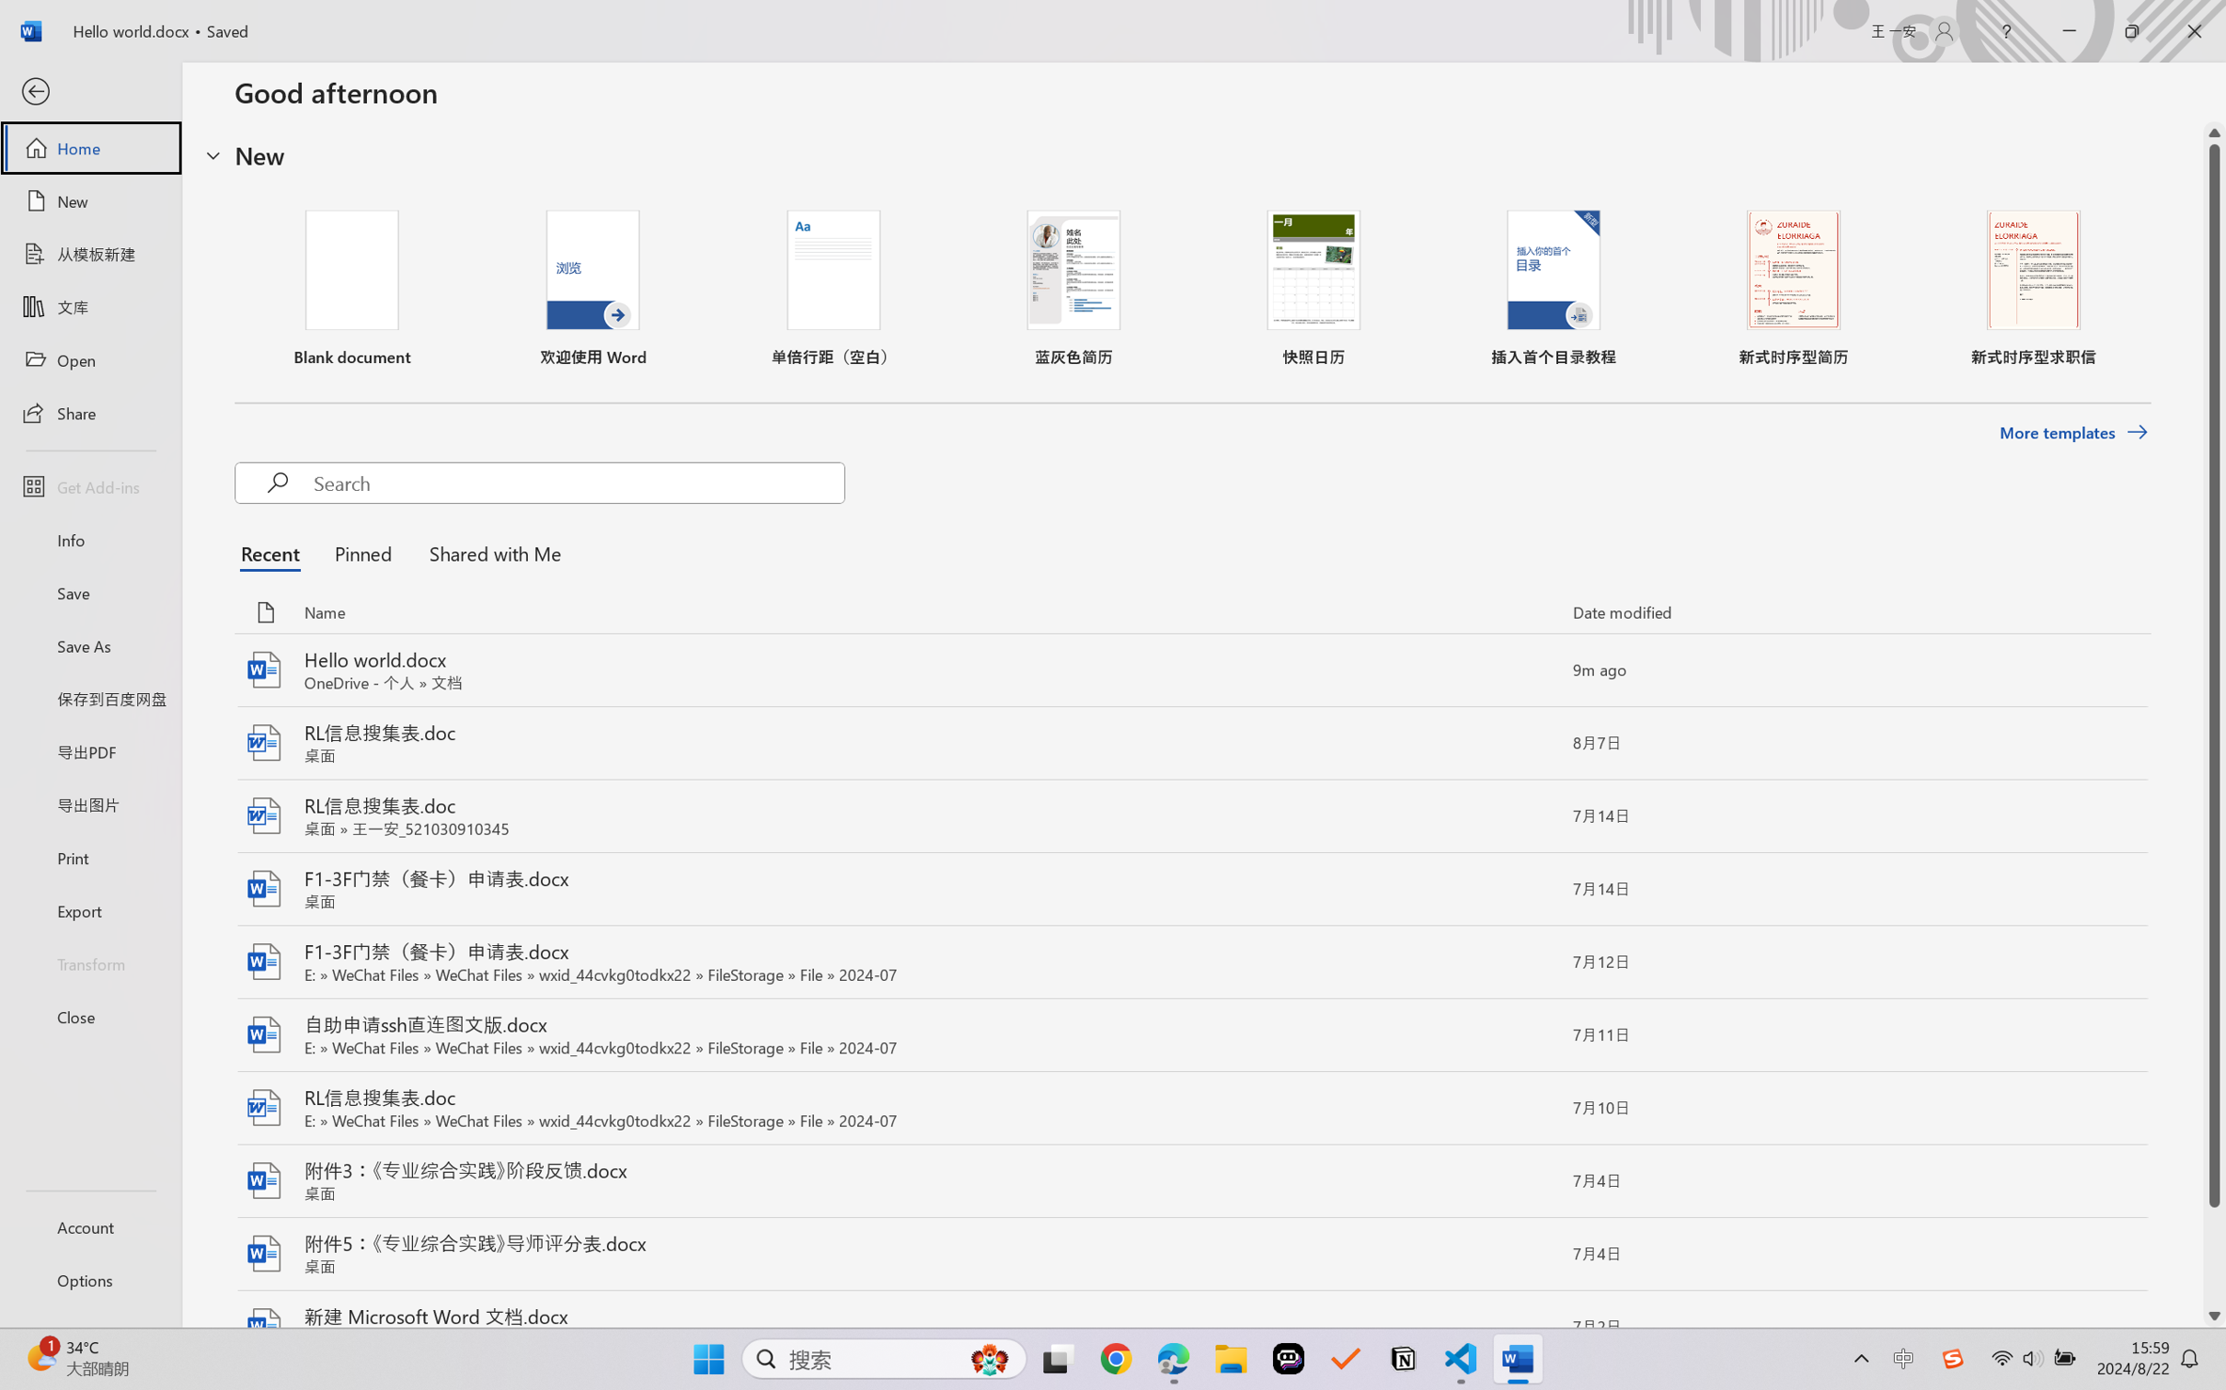 Image resolution: width=2226 pixels, height=1390 pixels. I want to click on 'Share', so click(89, 412).